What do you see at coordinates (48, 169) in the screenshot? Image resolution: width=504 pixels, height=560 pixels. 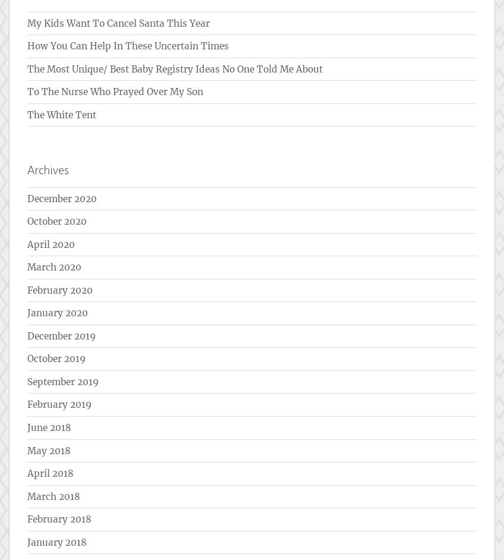 I see `'Archives'` at bounding box center [48, 169].